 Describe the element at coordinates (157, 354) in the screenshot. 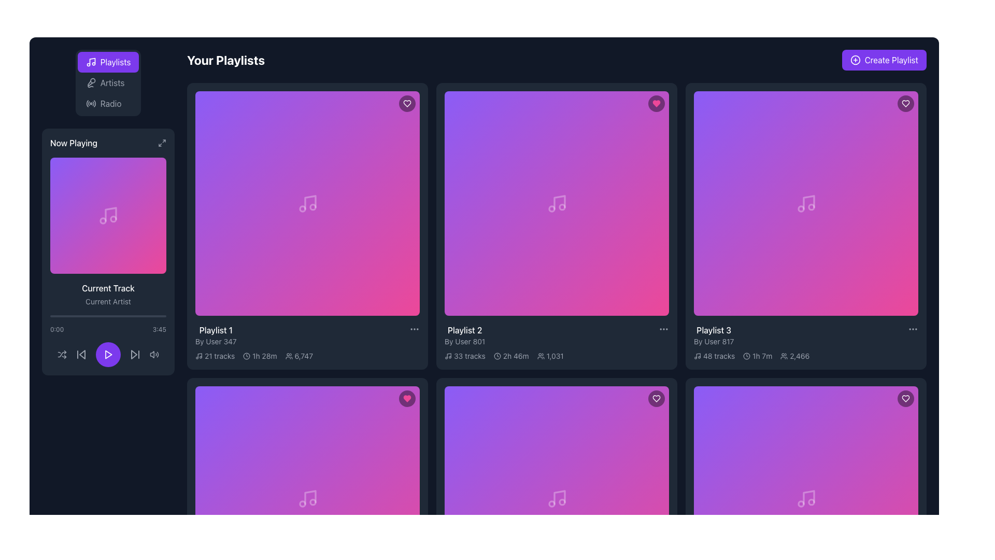

I see `the small circular arc representing the outermost wave line in the audio volume icon, which is light gray and positioned at the bottom-right corner of the 'Now Playing' section` at that location.